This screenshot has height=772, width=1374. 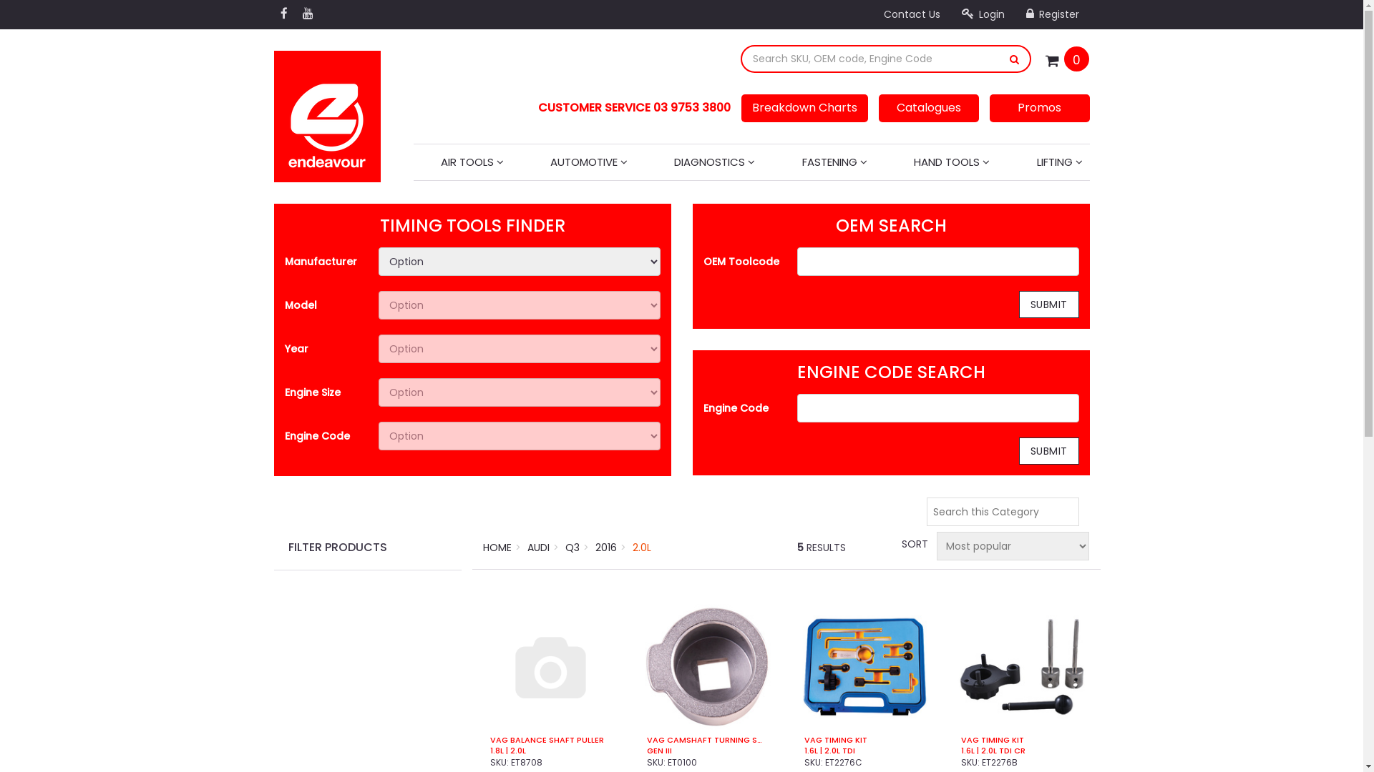 What do you see at coordinates (527, 547) in the screenshot?
I see `'AUDI'` at bounding box center [527, 547].